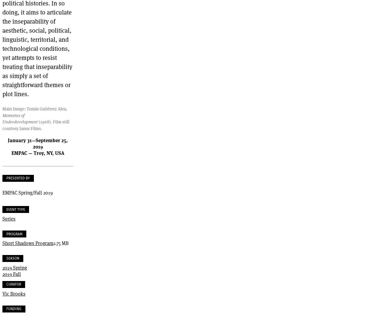 This screenshot has height=314, width=377. Describe the element at coordinates (2, 109) in the screenshot. I see `'Main Image: Tomás Gutiérrez Alea,'` at that location.